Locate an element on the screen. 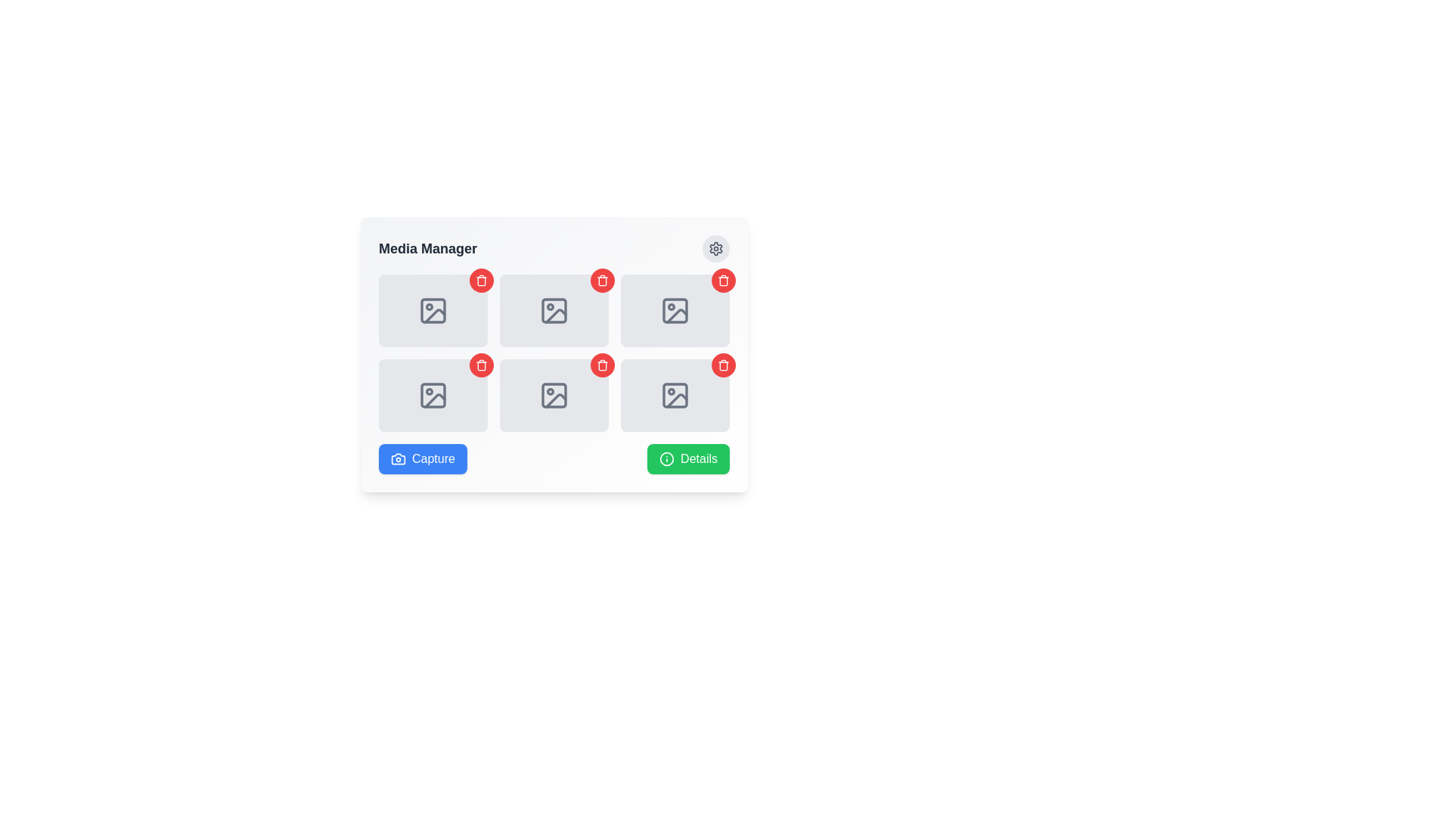  the image or gallery icon in the lower-right corner of the Media Manager interface, which is represented by a minimalistic design featuring a sun or moon and a mountain is located at coordinates (674, 395).